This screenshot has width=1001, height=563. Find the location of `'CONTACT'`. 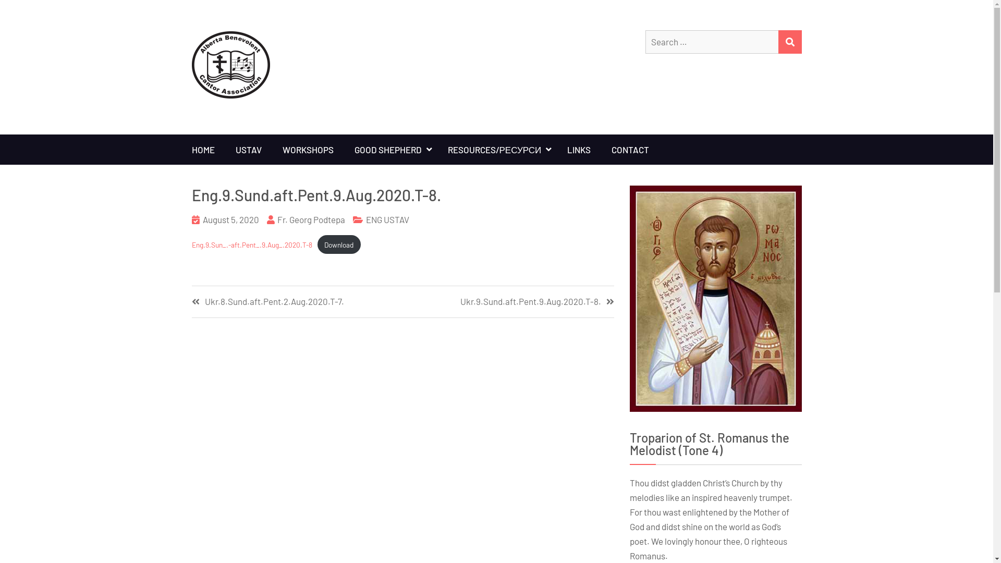

'CONTACT' is located at coordinates (630, 149).